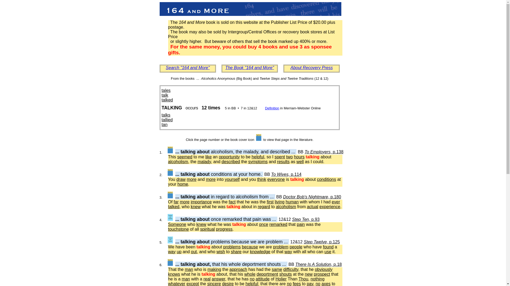  I want to click on 'symptoms', so click(258, 161).